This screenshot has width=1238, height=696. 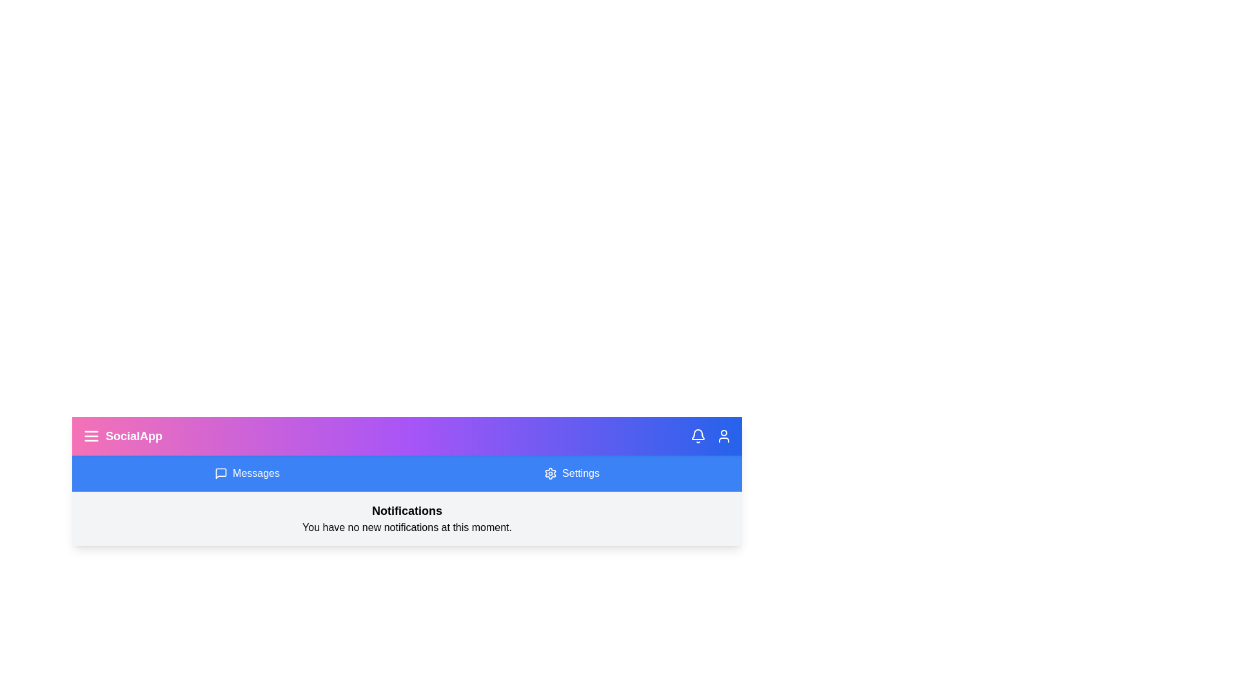 What do you see at coordinates (698, 436) in the screenshot?
I see `the icon to trigger tooltip or visual feedback for bell` at bounding box center [698, 436].